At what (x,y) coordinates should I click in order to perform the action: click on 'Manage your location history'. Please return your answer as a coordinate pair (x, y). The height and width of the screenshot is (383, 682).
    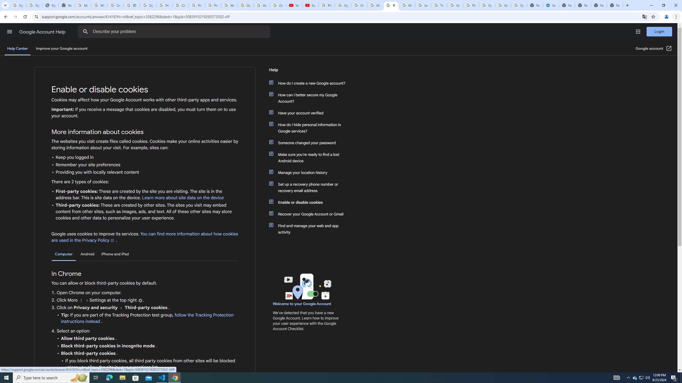
    Looking at the image, I should click on (310, 172).